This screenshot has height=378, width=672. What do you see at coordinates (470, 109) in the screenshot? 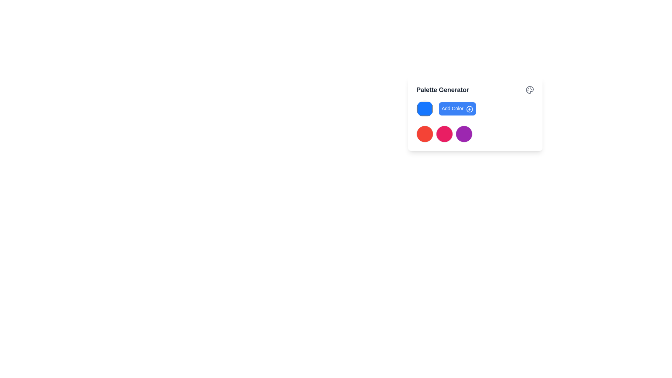
I see `the circular icon element representing a plus sign in the Palette Generator section, located to the right of the 'Add Color' button` at bounding box center [470, 109].